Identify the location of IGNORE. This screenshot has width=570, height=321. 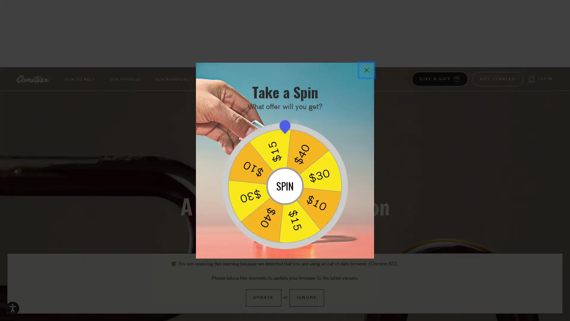
(306, 298).